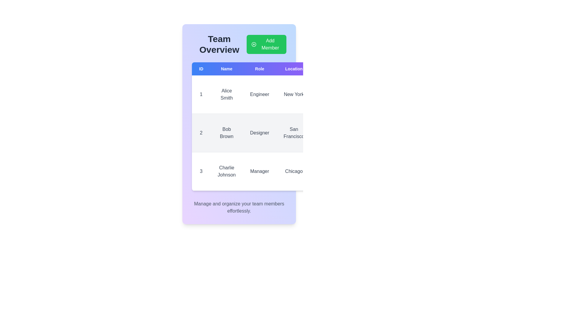 This screenshot has width=574, height=322. Describe the element at coordinates (201, 133) in the screenshot. I see `the Text Label displaying the ID number of an individual user` at that location.